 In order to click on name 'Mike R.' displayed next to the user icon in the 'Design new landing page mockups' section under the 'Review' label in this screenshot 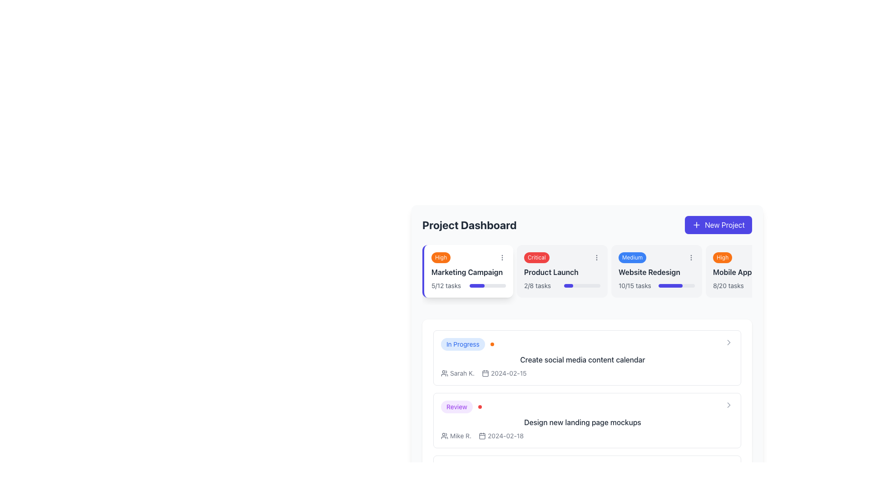, I will do `click(456, 435)`.